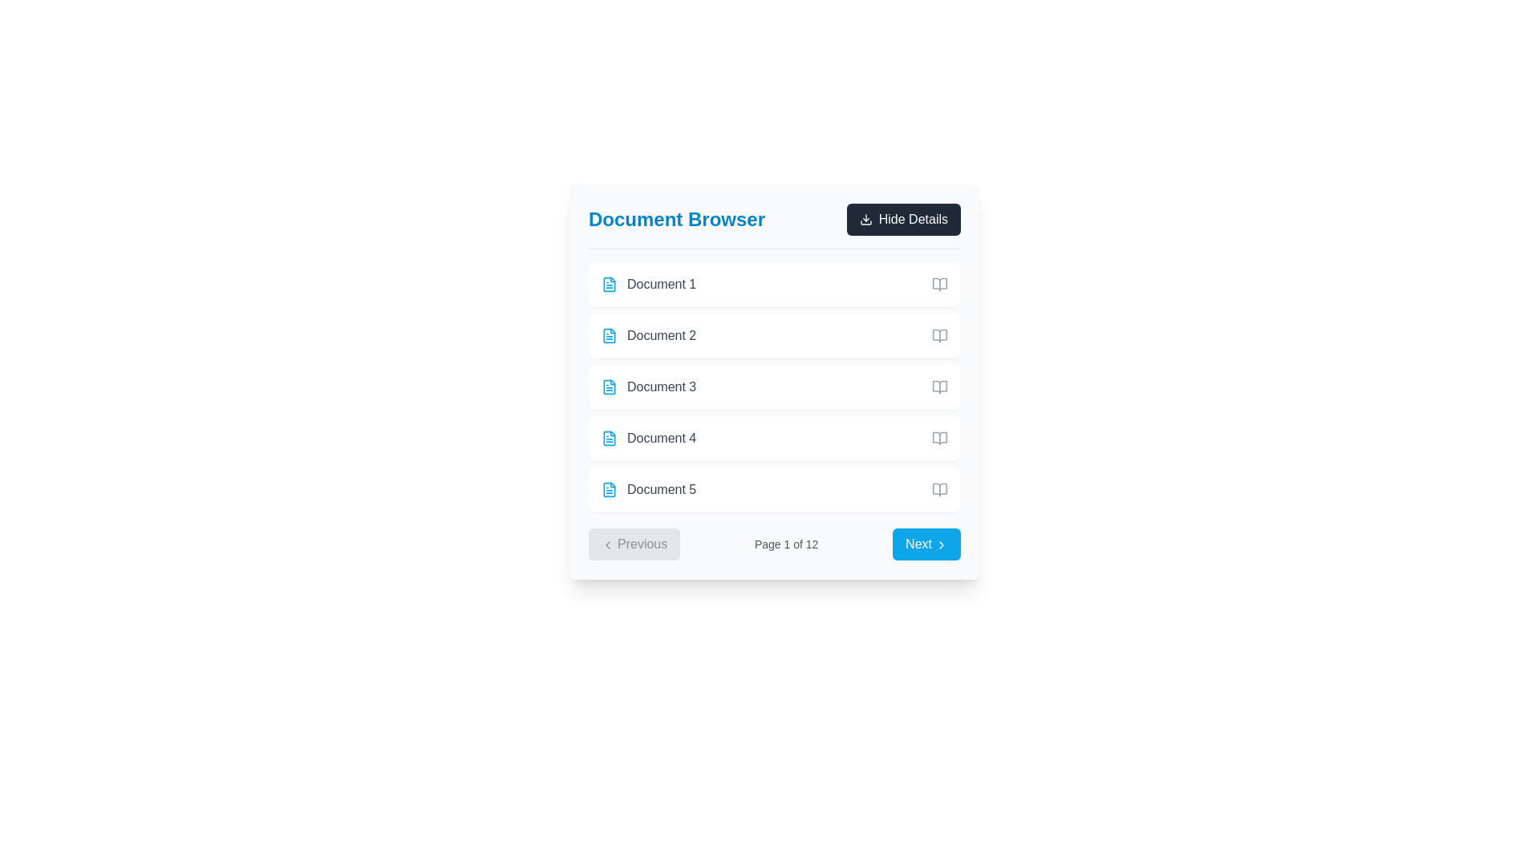 The height and width of the screenshot is (866, 1540). I want to click on the selectable list item representing 'Document 3', so click(774, 386).